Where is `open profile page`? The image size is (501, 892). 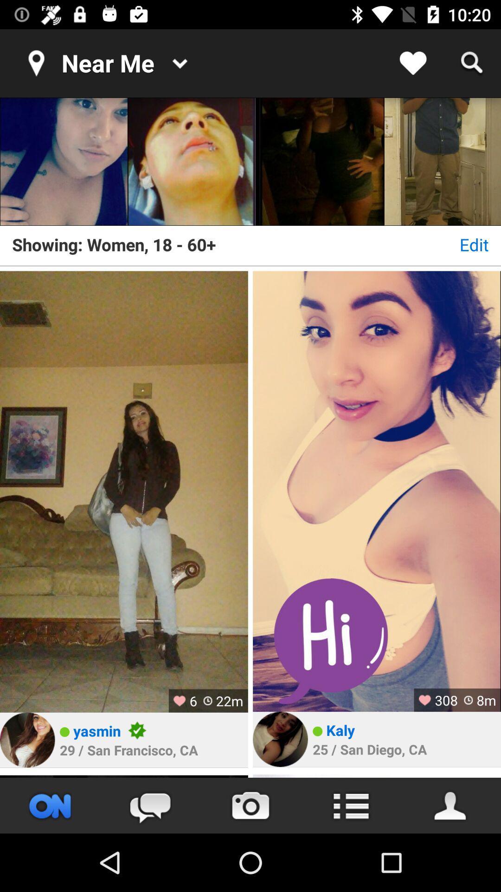
open profile page is located at coordinates (450, 805).